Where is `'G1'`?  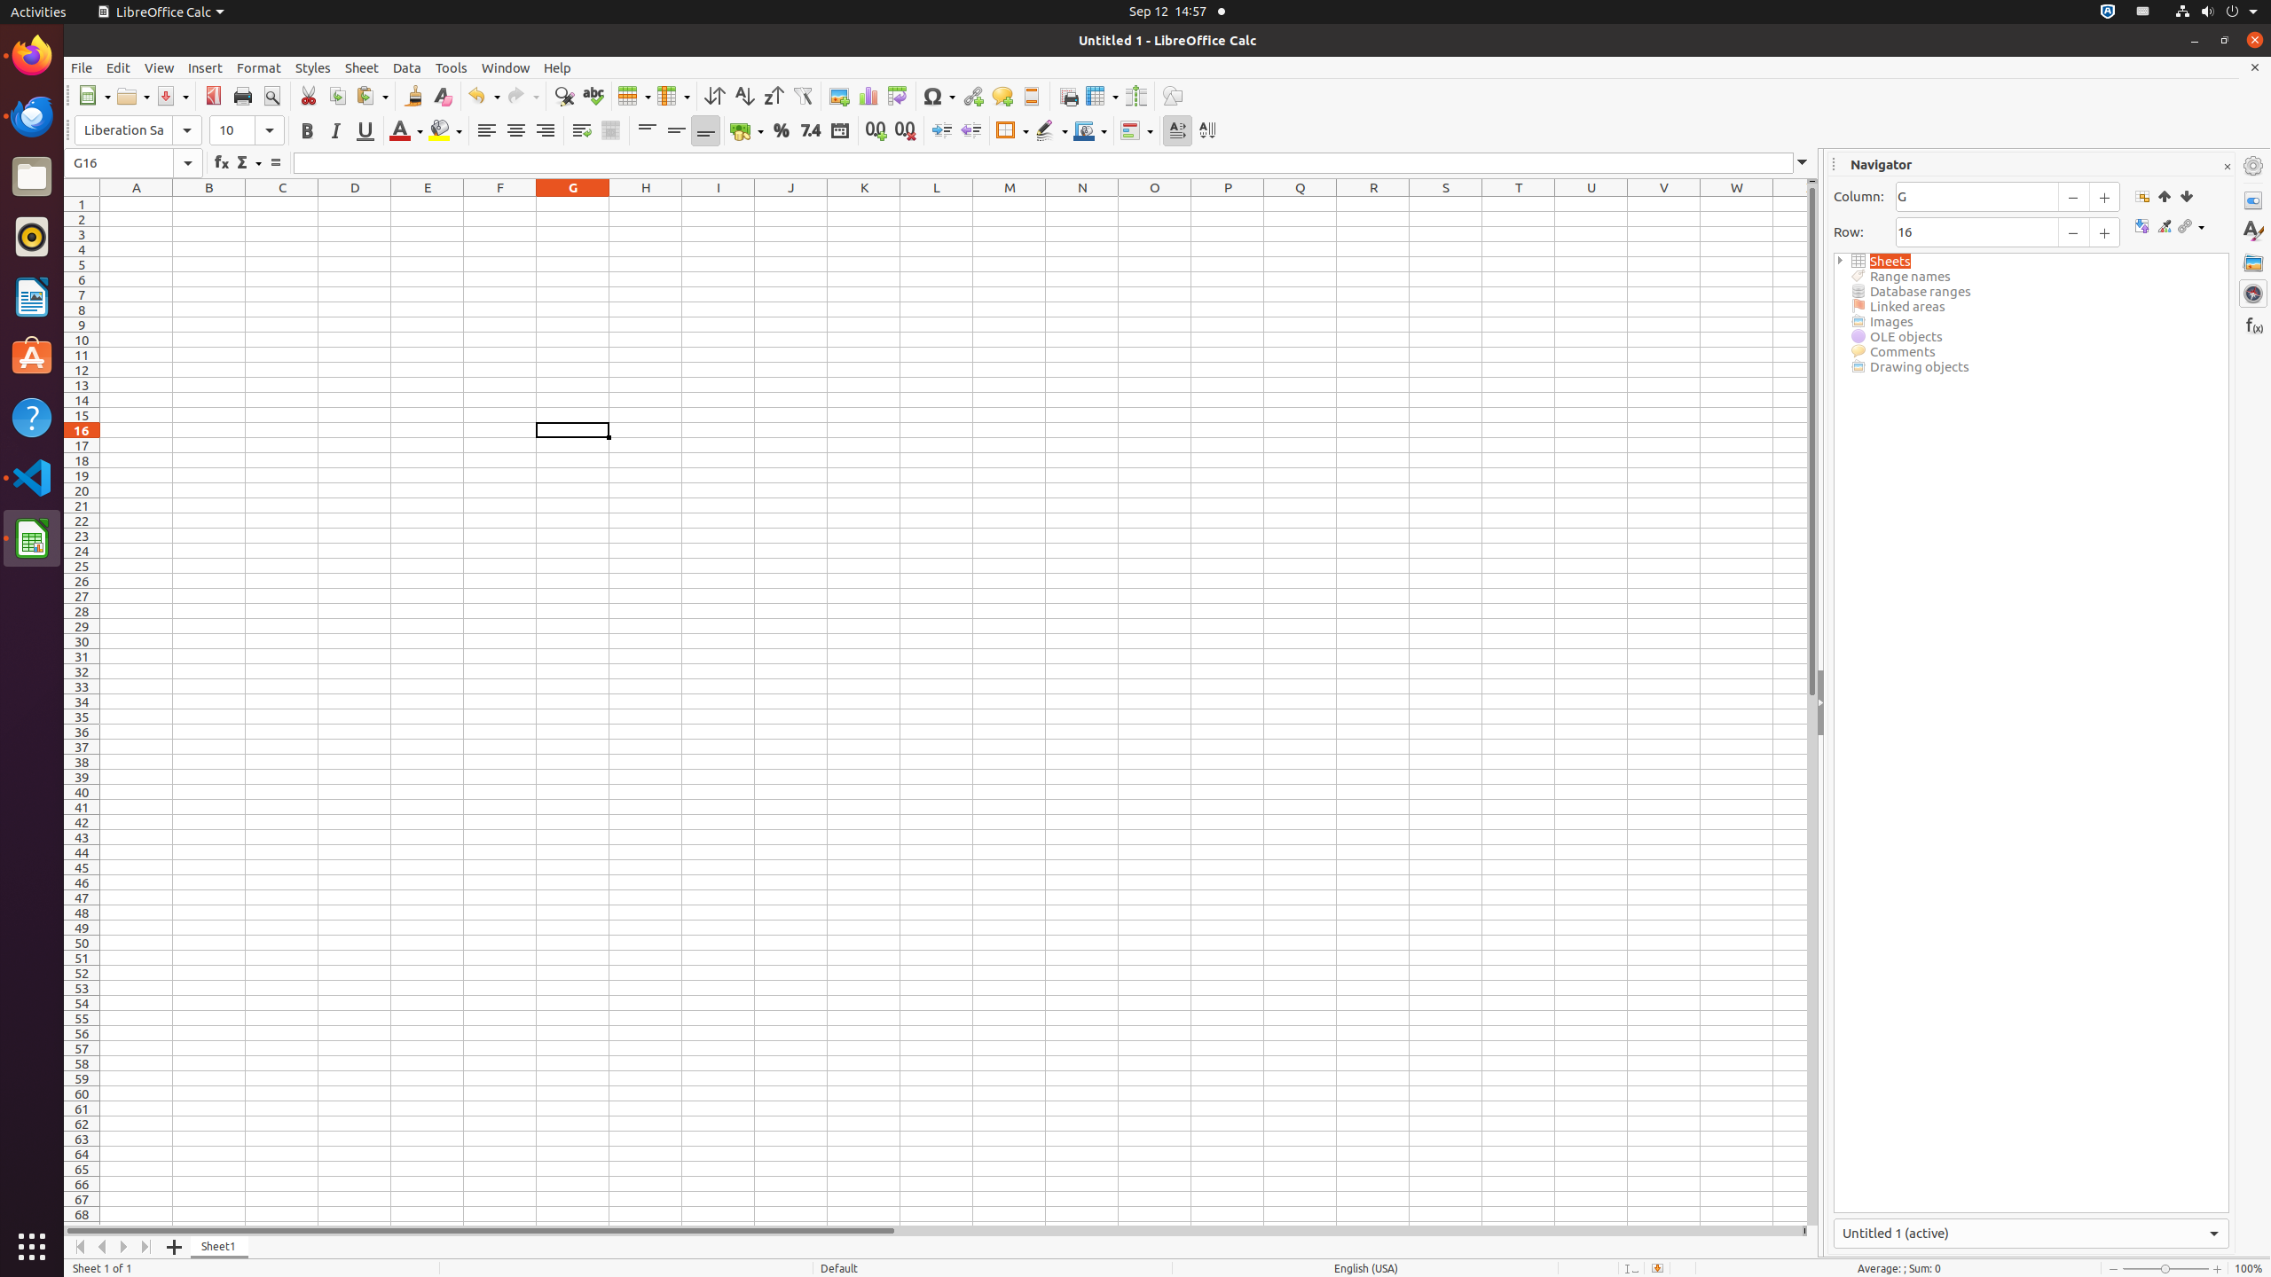 'G1' is located at coordinates (571, 203).